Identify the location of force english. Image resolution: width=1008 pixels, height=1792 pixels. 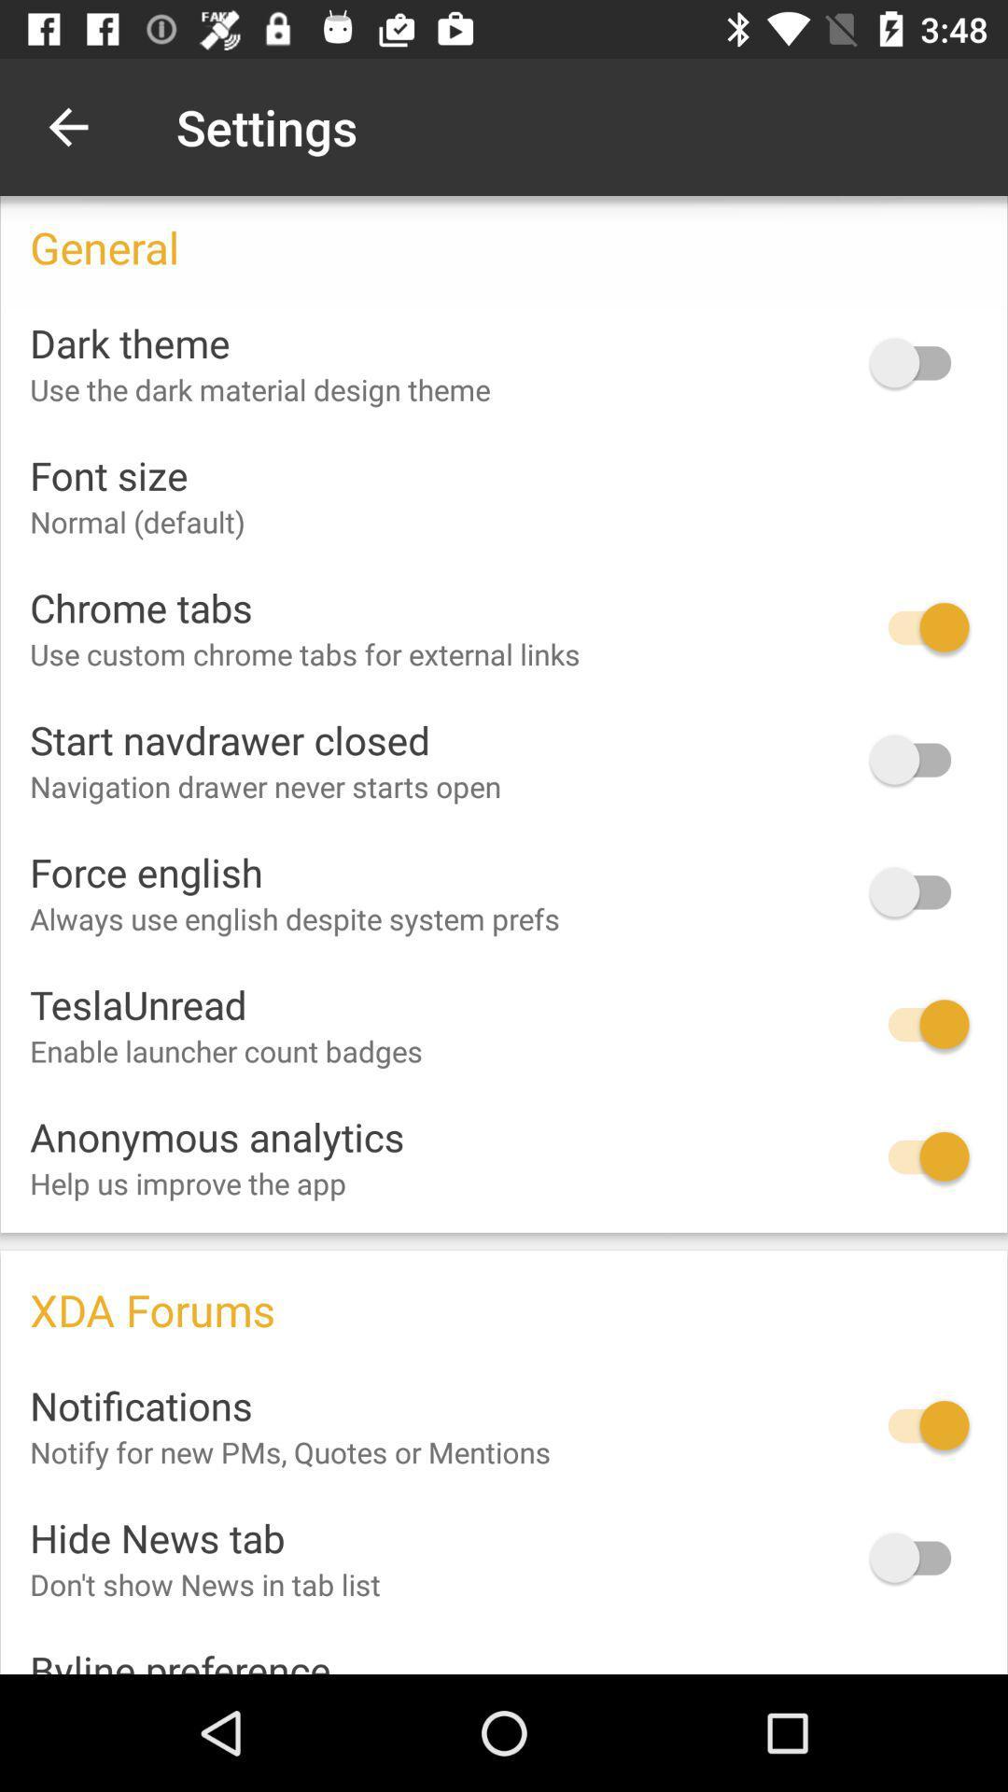
(918, 890).